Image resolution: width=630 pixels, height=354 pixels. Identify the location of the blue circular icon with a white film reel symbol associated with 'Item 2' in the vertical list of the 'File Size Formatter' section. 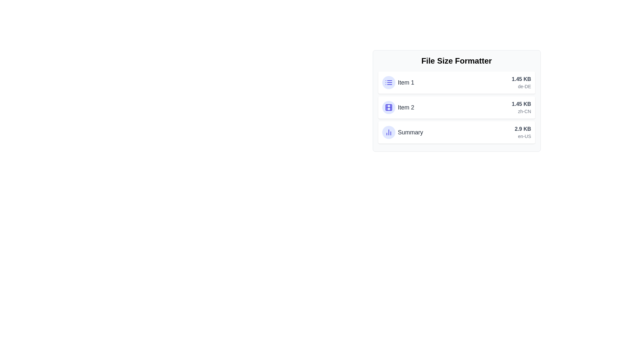
(398, 107).